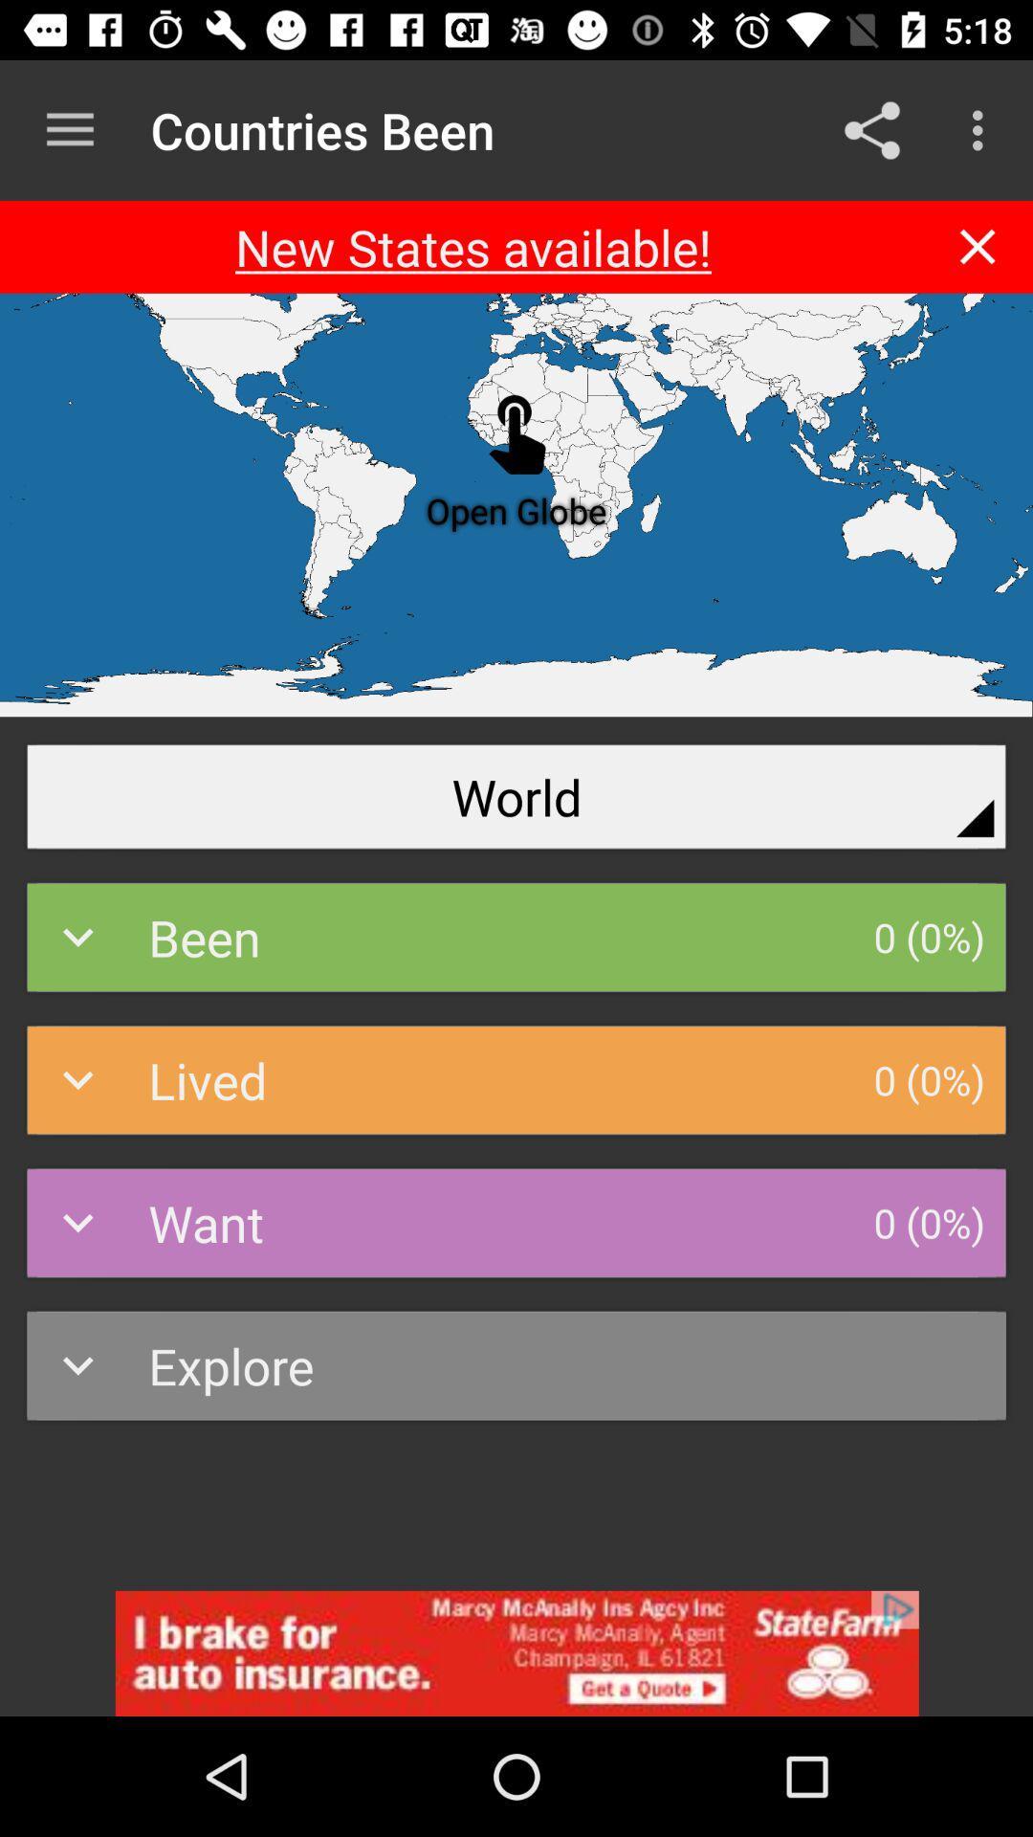 The height and width of the screenshot is (1837, 1033). Describe the element at coordinates (978, 246) in the screenshot. I see `closeing the file` at that location.